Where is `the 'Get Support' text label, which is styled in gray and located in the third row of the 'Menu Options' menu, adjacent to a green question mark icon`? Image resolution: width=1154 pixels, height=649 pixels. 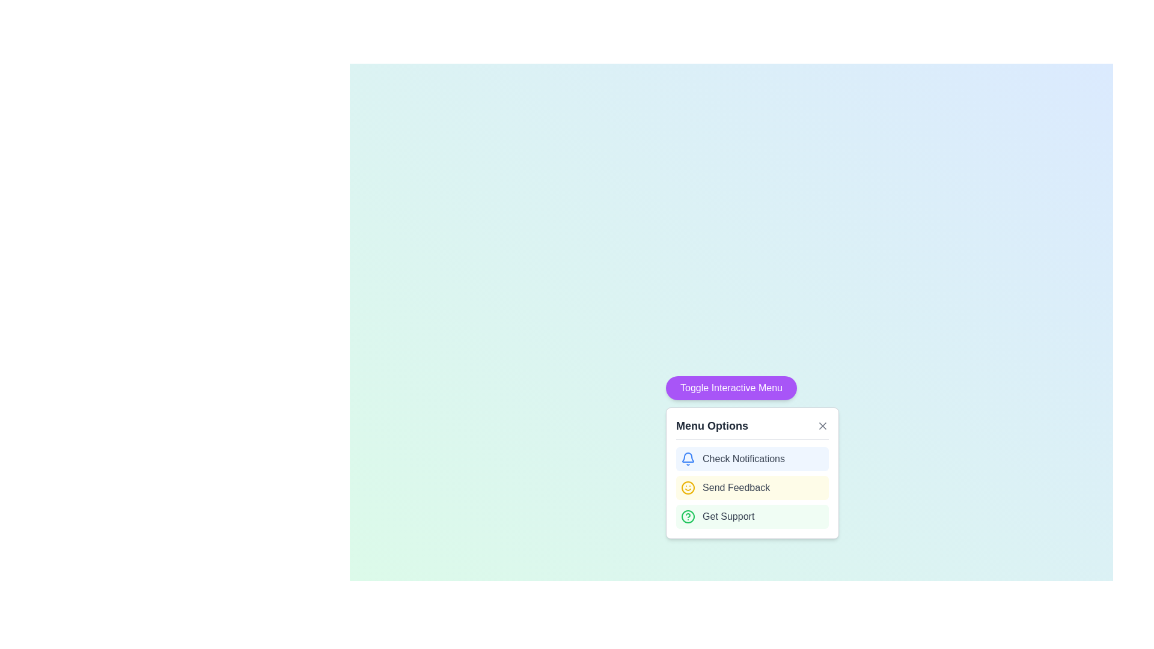
the 'Get Support' text label, which is styled in gray and located in the third row of the 'Menu Options' menu, adjacent to a green question mark icon is located at coordinates (728, 516).